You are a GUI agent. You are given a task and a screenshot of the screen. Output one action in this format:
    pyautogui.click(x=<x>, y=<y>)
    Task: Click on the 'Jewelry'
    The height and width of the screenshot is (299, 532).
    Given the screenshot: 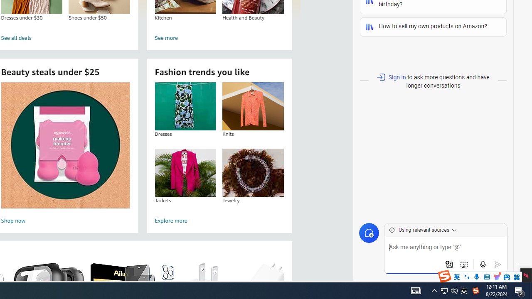 What is the action you would take?
    pyautogui.click(x=252, y=172)
    